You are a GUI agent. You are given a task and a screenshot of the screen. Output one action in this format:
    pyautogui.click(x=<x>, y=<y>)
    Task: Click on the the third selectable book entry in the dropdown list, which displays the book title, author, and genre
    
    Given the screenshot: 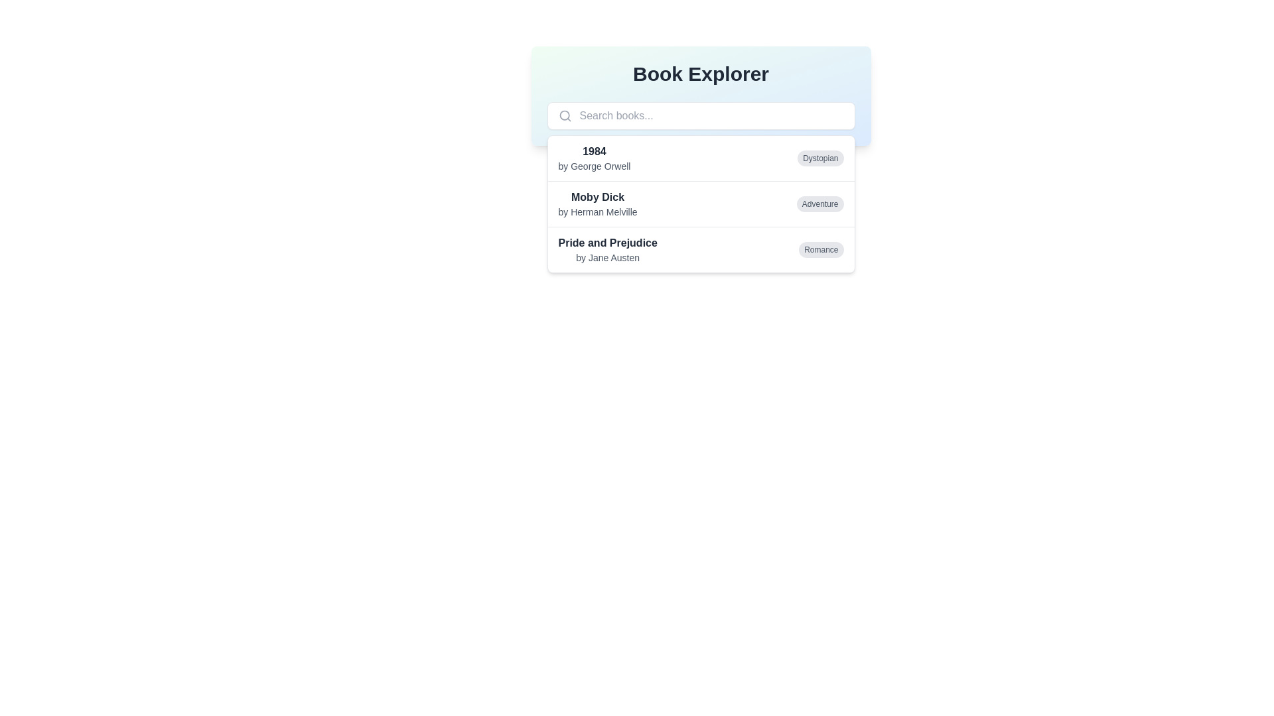 What is the action you would take?
    pyautogui.click(x=700, y=250)
    